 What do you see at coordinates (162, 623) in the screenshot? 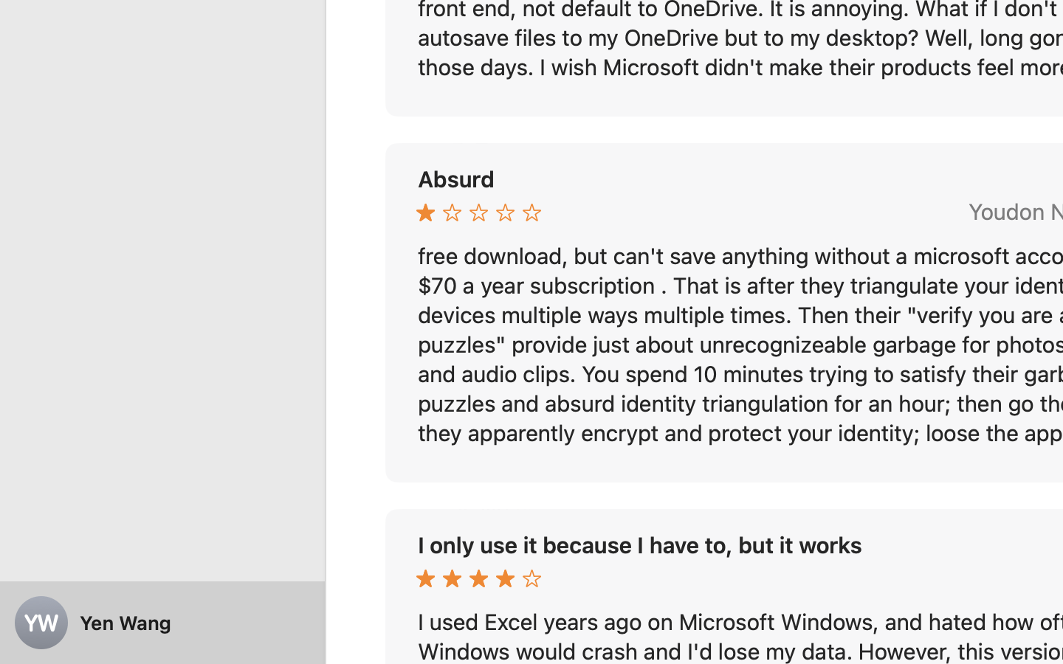
I see `'Yen Wang'` at bounding box center [162, 623].